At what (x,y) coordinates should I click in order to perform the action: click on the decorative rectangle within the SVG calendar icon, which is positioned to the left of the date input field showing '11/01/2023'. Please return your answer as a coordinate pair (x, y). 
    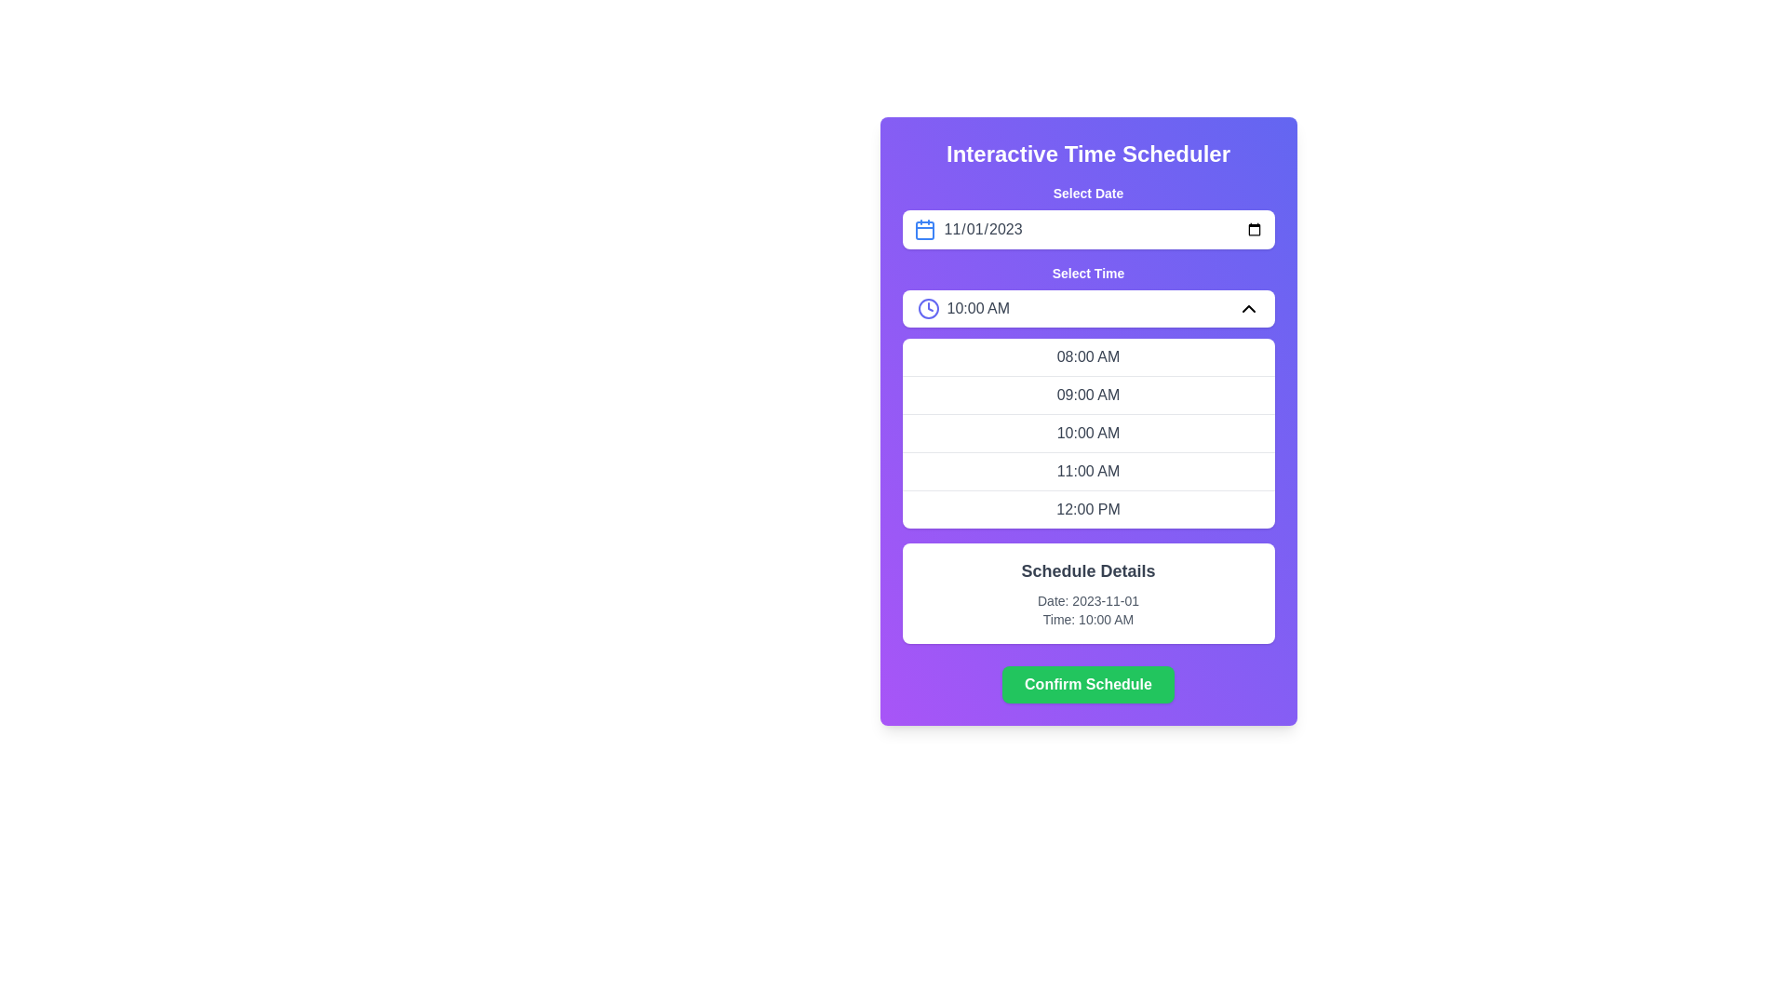
    Looking at the image, I should click on (924, 229).